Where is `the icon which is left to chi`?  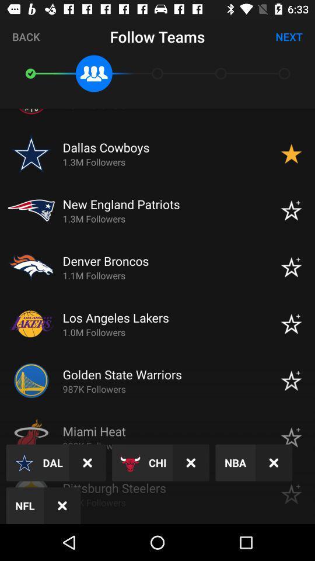
the icon which is left to chi is located at coordinates (129, 463).